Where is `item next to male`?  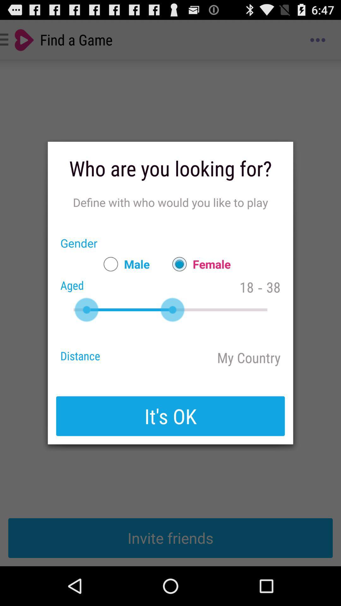
item next to male is located at coordinates (198, 264).